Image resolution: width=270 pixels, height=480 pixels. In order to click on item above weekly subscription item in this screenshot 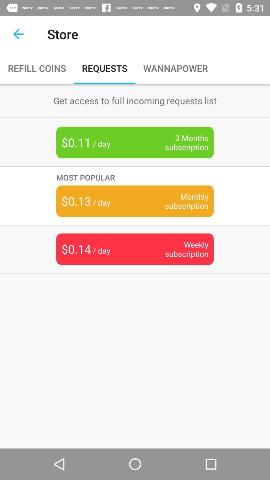, I will do `click(179, 201)`.